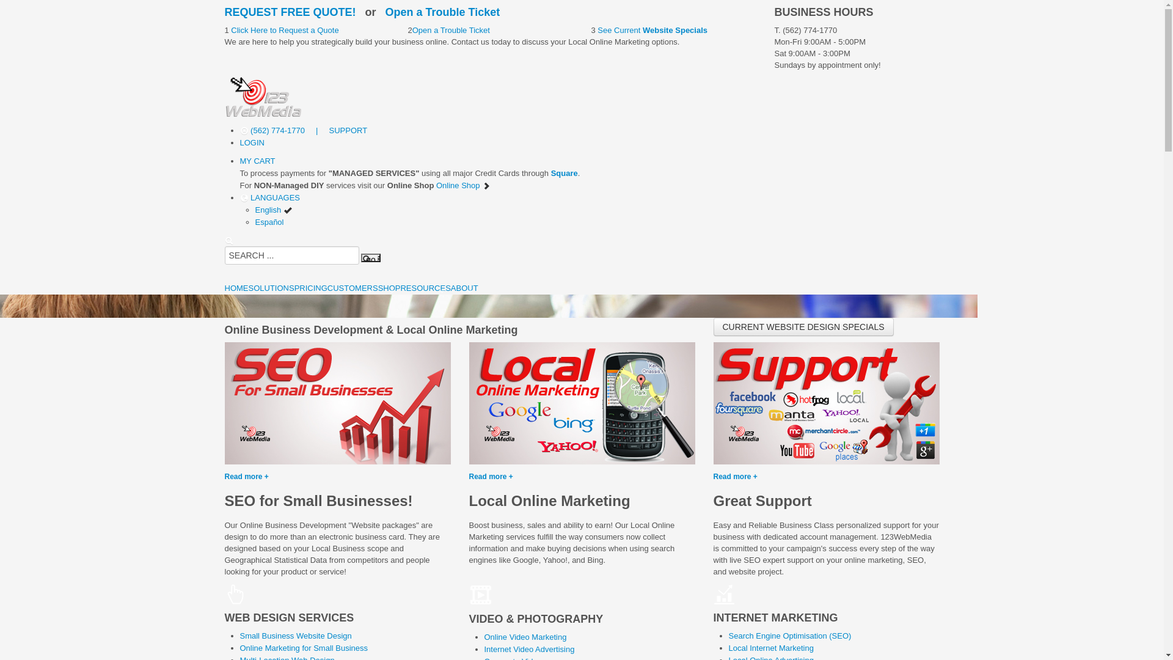  Describe the element at coordinates (283, 29) in the screenshot. I see `'Click Here to Request a Quote'` at that location.